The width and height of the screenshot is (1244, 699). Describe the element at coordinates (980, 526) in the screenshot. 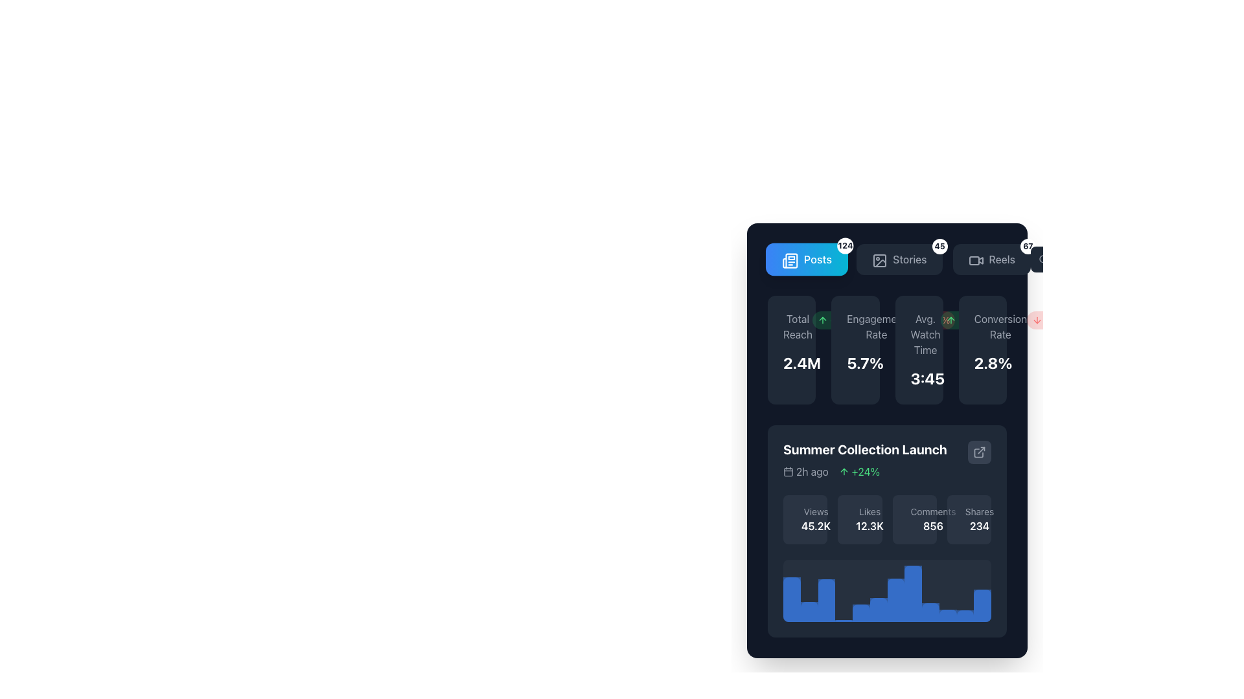

I see `the Text Label displaying the count of shares, located at the bottom-right corner of the statistic block under the 'Shares' label` at that location.